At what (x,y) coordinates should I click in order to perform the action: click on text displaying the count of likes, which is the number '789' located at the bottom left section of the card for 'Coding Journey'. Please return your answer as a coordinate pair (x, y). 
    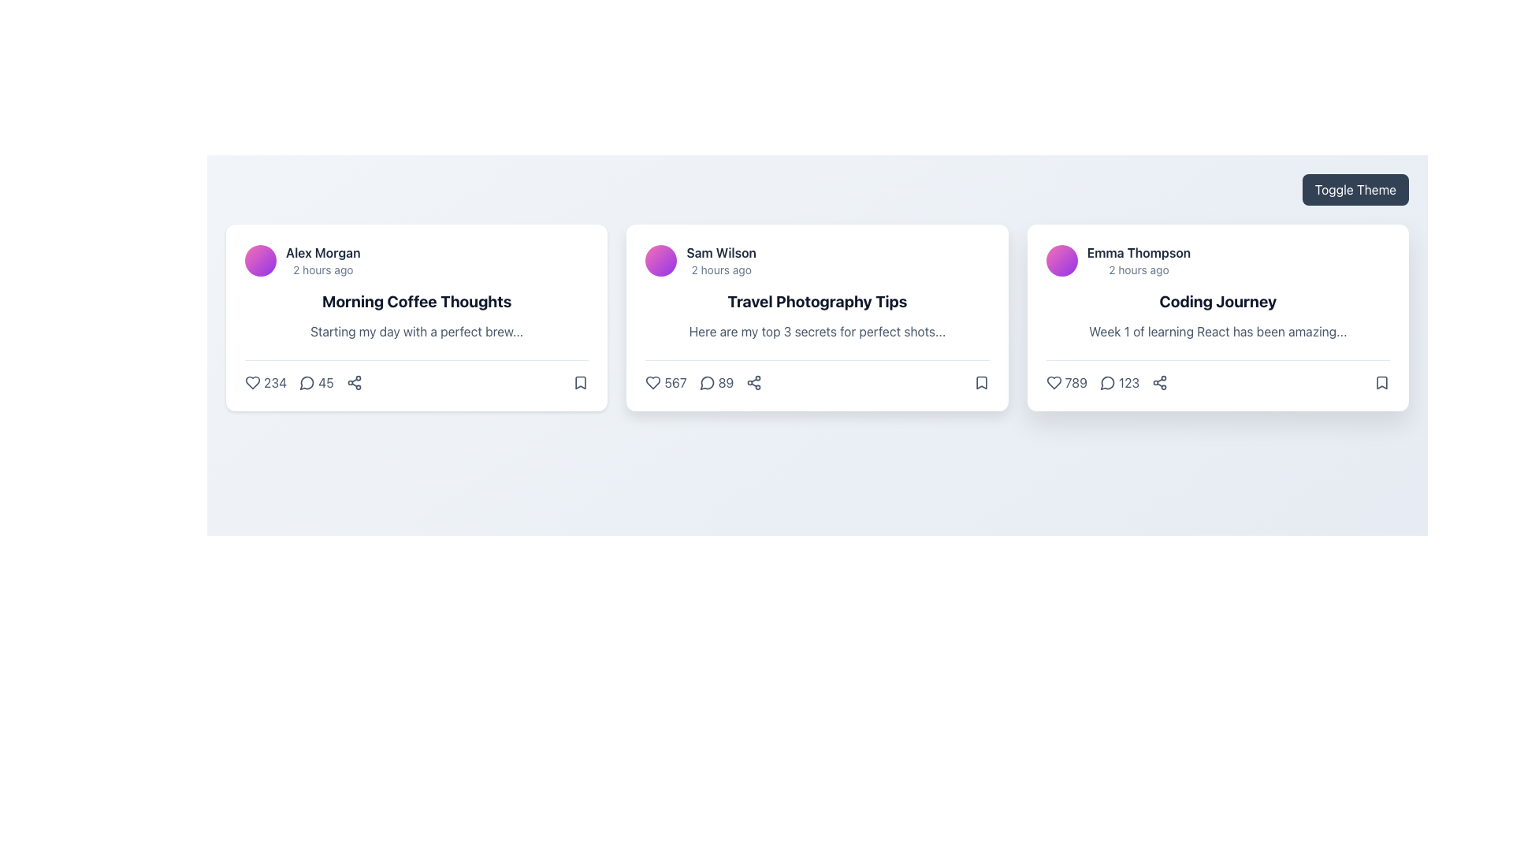
    Looking at the image, I should click on (1075, 383).